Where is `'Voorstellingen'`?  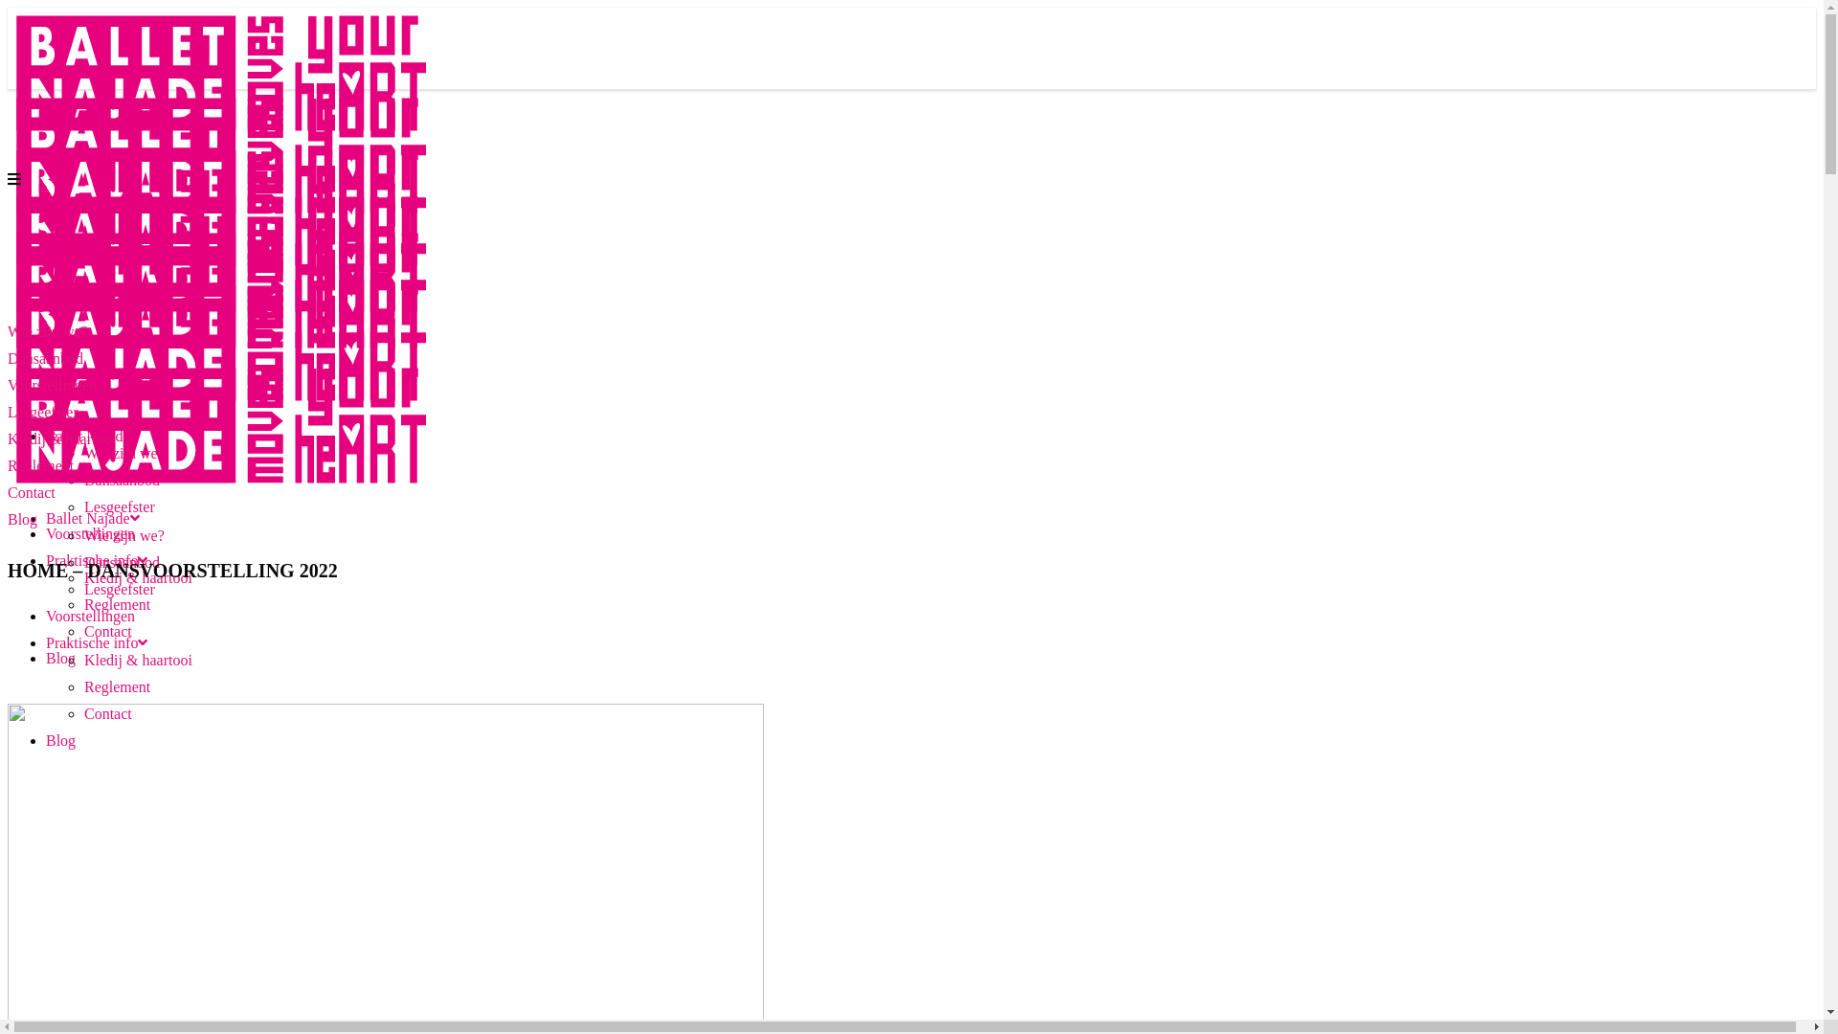 'Voorstellingen' is located at coordinates (89, 533).